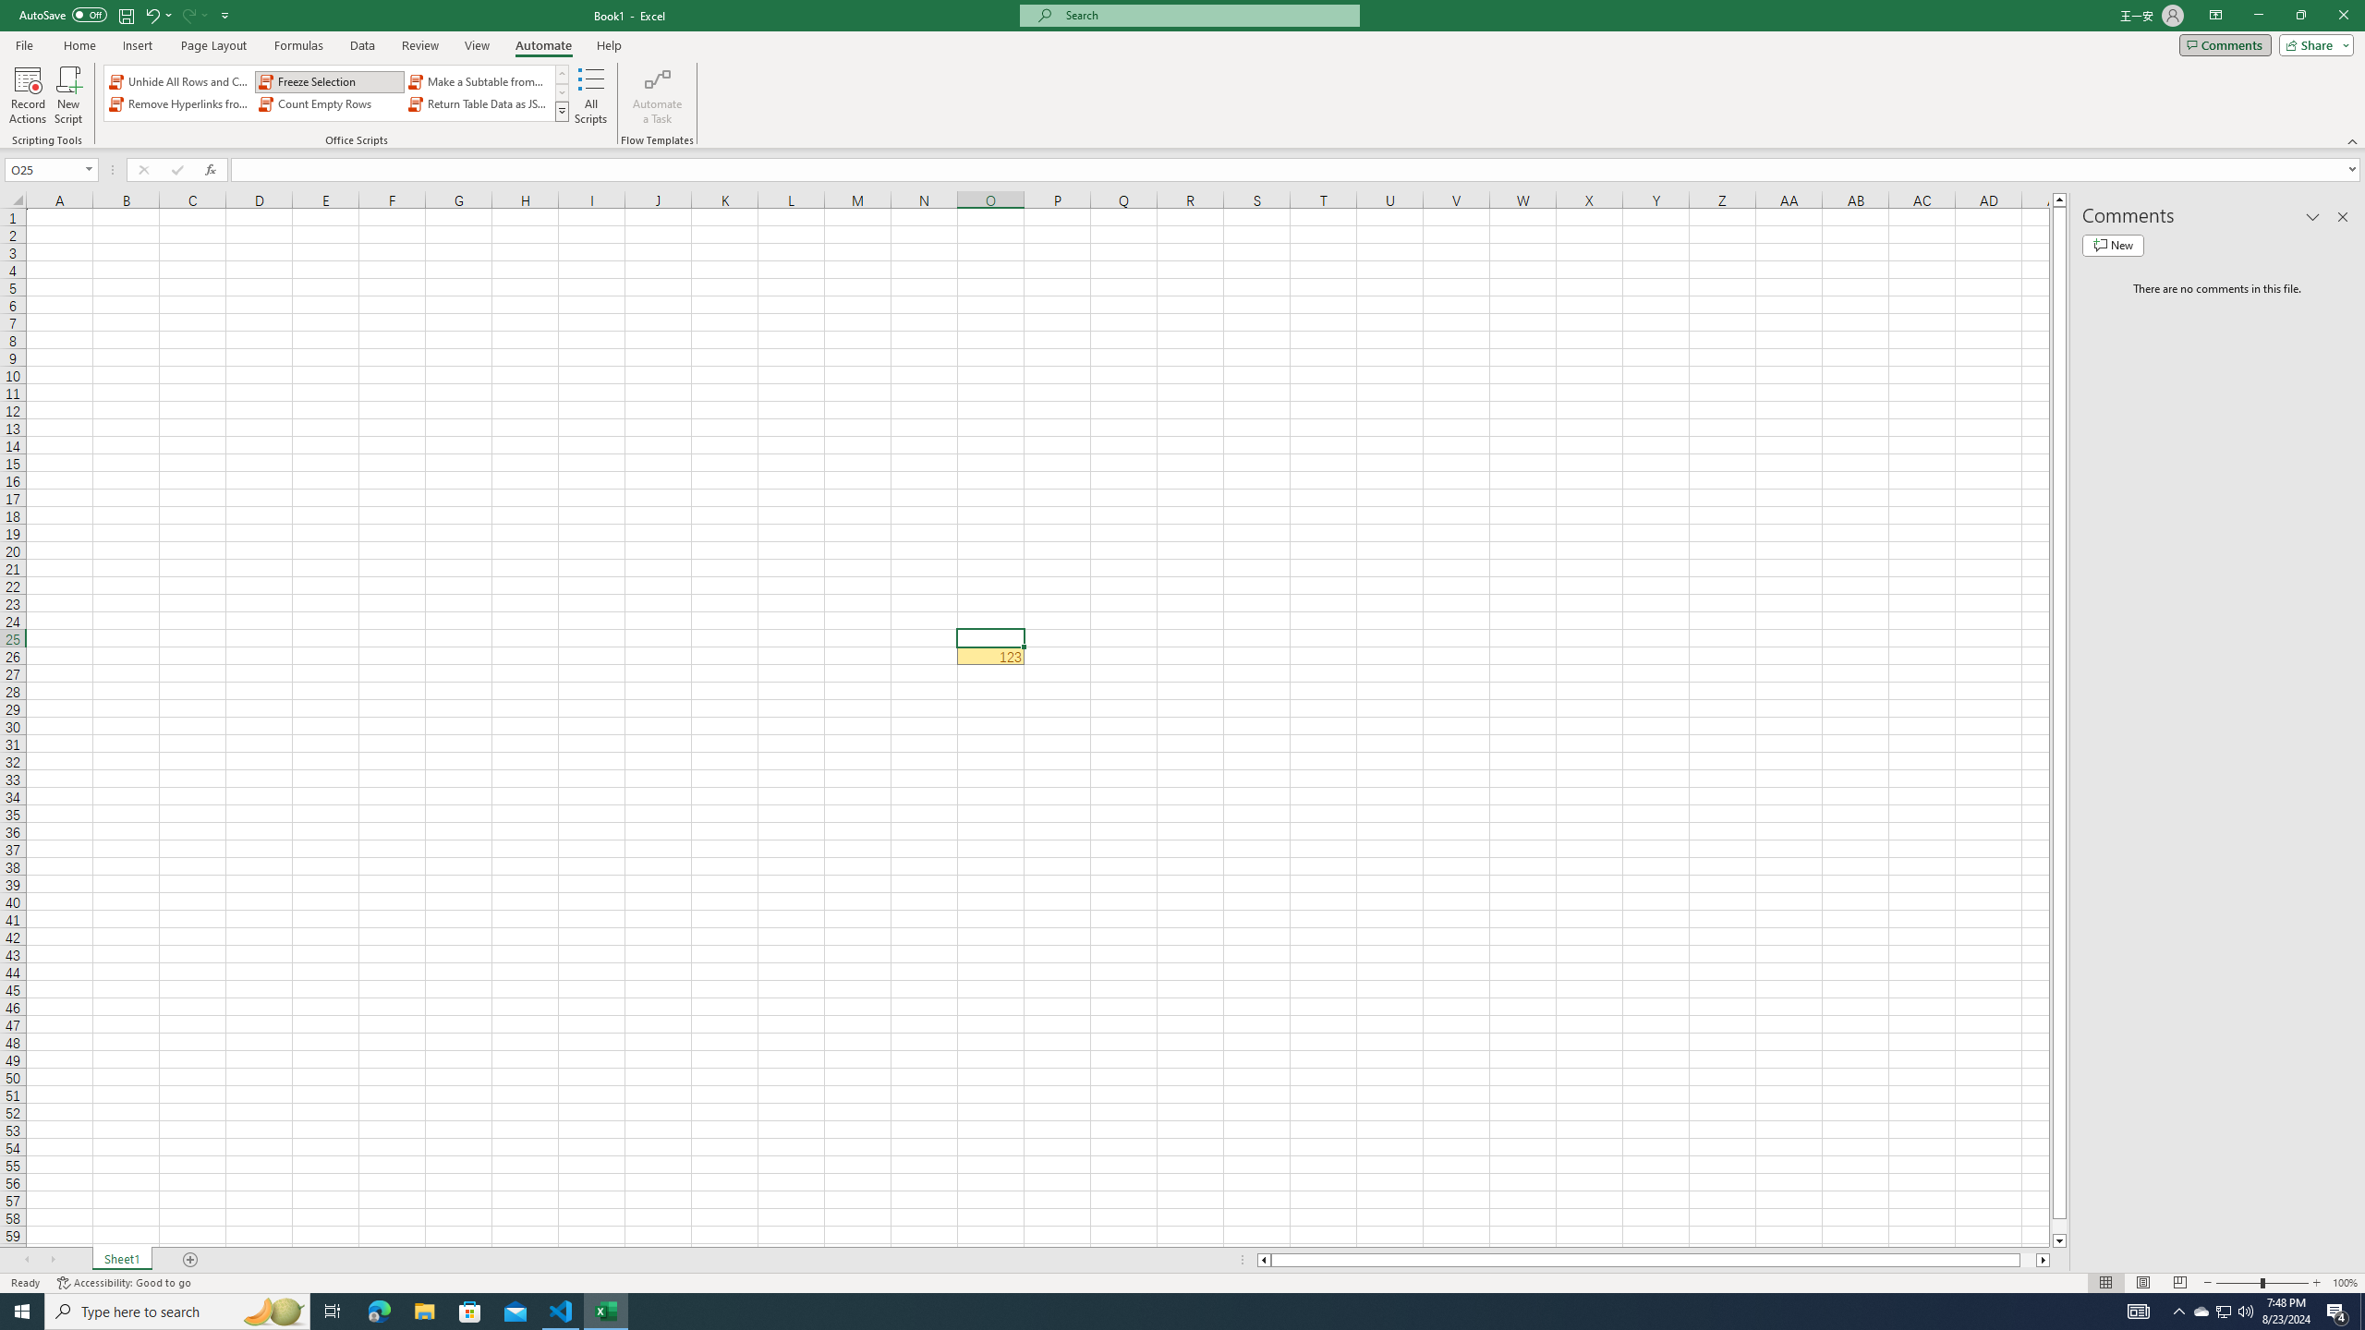  What do you see at coordinates (2300, 15) in the screenshot?
I see `'Restore Down'` at bounding box center [2300, 15].